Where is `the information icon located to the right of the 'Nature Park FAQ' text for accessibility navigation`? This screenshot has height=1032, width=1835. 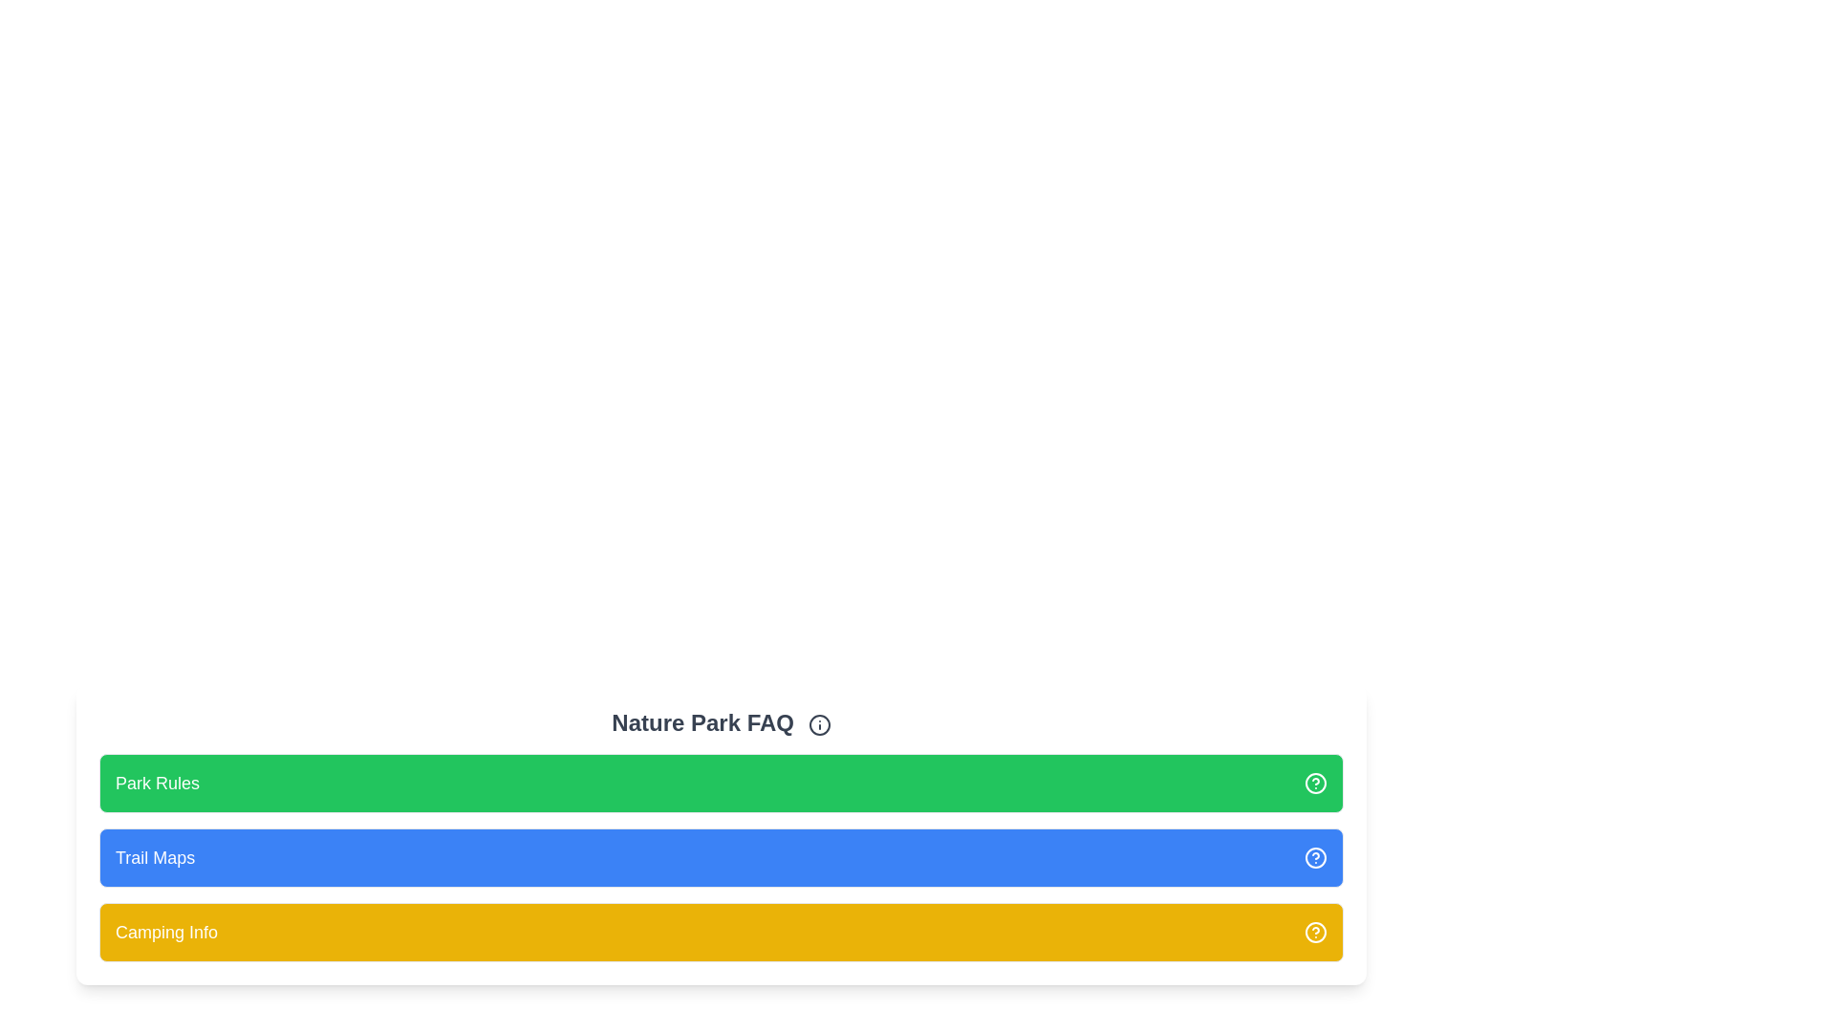
the information icon located to the right of the 'Nature Park FAQ' text for accessibility navigation is located at coordinates (819, 724).